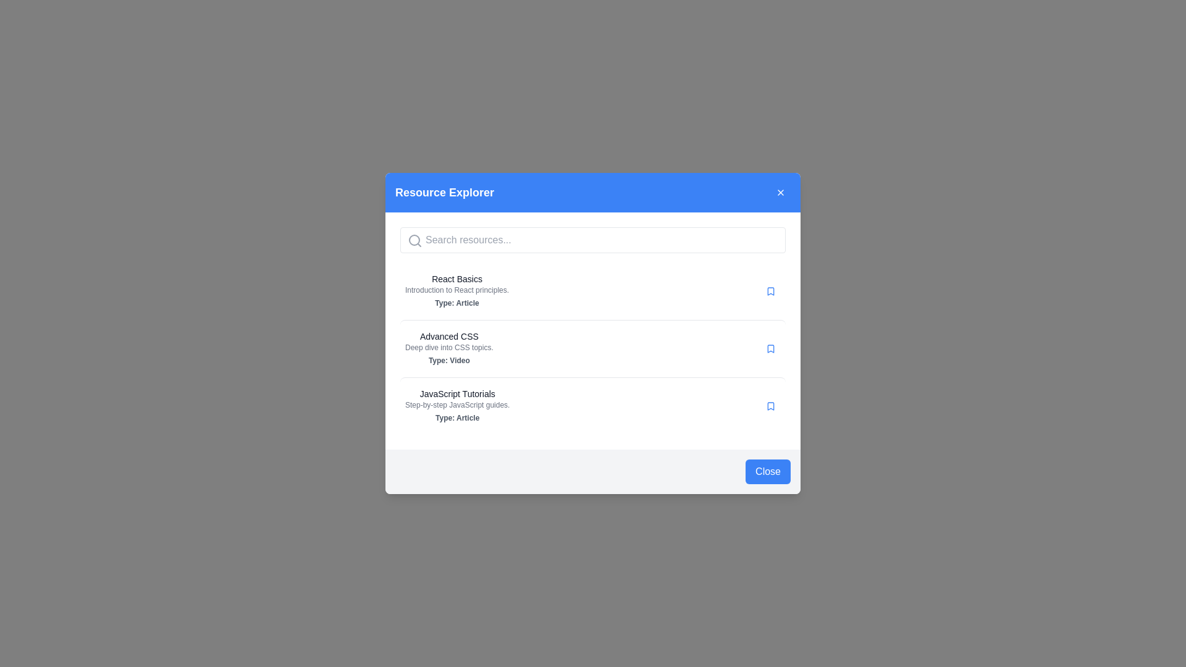  Describe the element at coordinates (770, 406) in the screenshot. I see `the circular bookmark button with a transparent background that turns gray on hover, located in the rightmost part of the third item labeled 'JavaScript Tutorials'` at that location.